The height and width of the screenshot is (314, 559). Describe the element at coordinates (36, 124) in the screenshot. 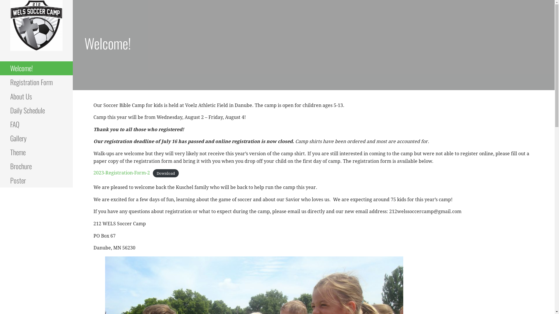

I see `'FAQ'` at that location.